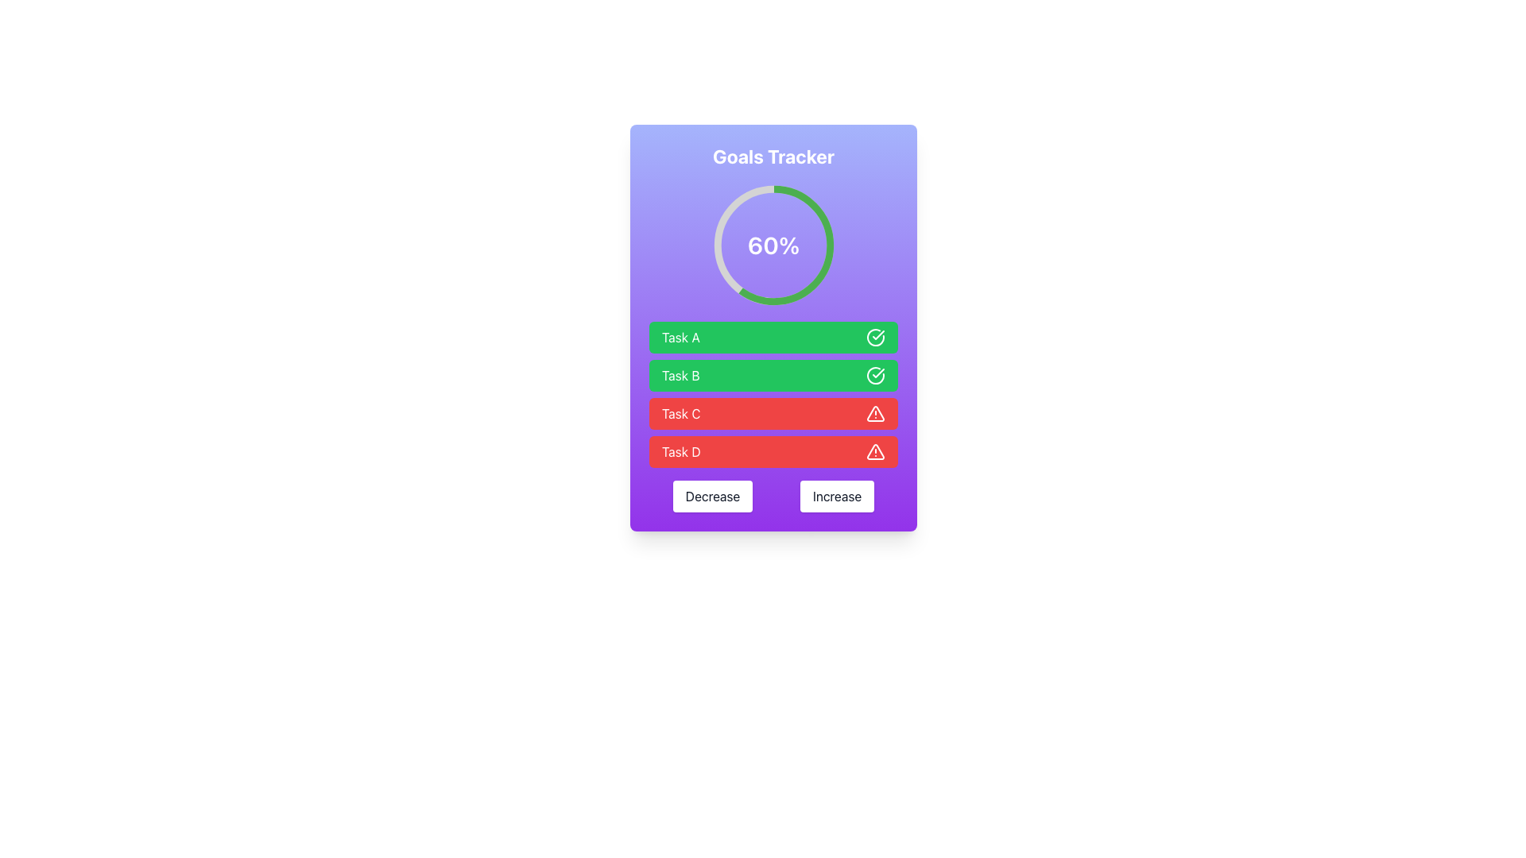 The height and width of the screenshot is (858, 1526). What do you see at coordinates (712, 495) in the screenshot?
I see `the leftmost button labeled 'Decrease' with a white background and black text` at bounding box center [712, 495].